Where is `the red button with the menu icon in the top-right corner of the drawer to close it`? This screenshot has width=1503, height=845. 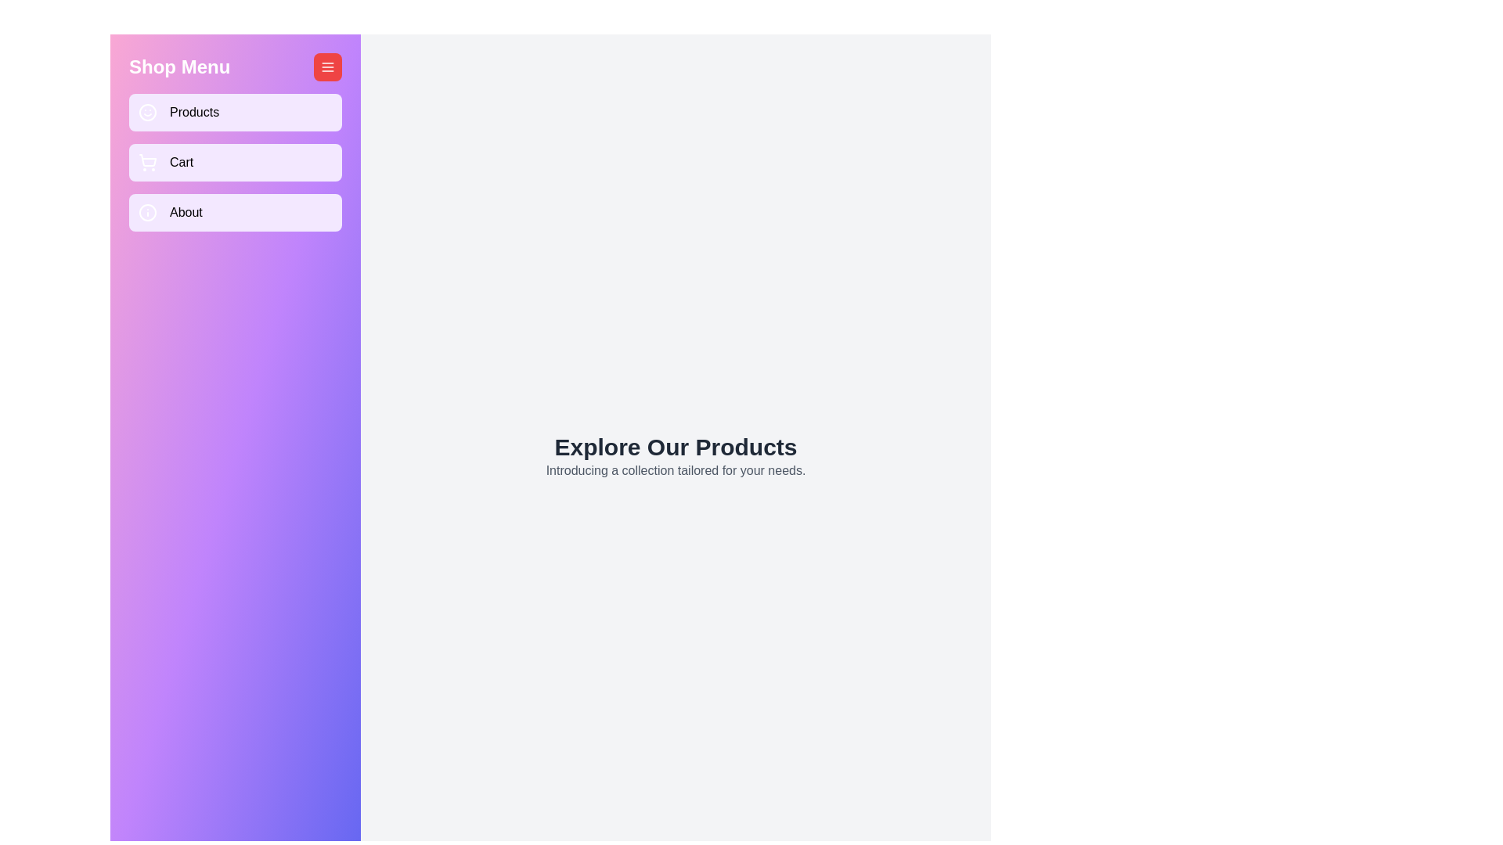 the red button with the menu icon in the top-right corner of the drawer to close it is located at coordinates (326, 66).